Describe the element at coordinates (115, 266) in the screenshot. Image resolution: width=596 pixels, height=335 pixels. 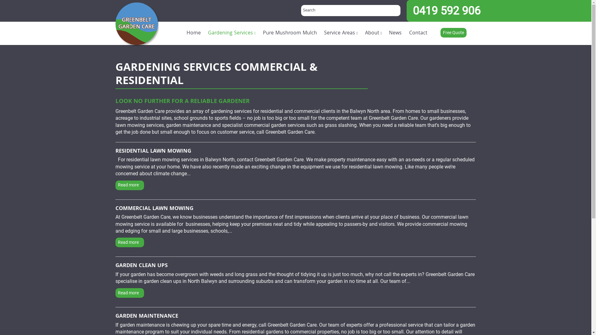
I see `'GARDEN CLEAN UPS'` at that location.